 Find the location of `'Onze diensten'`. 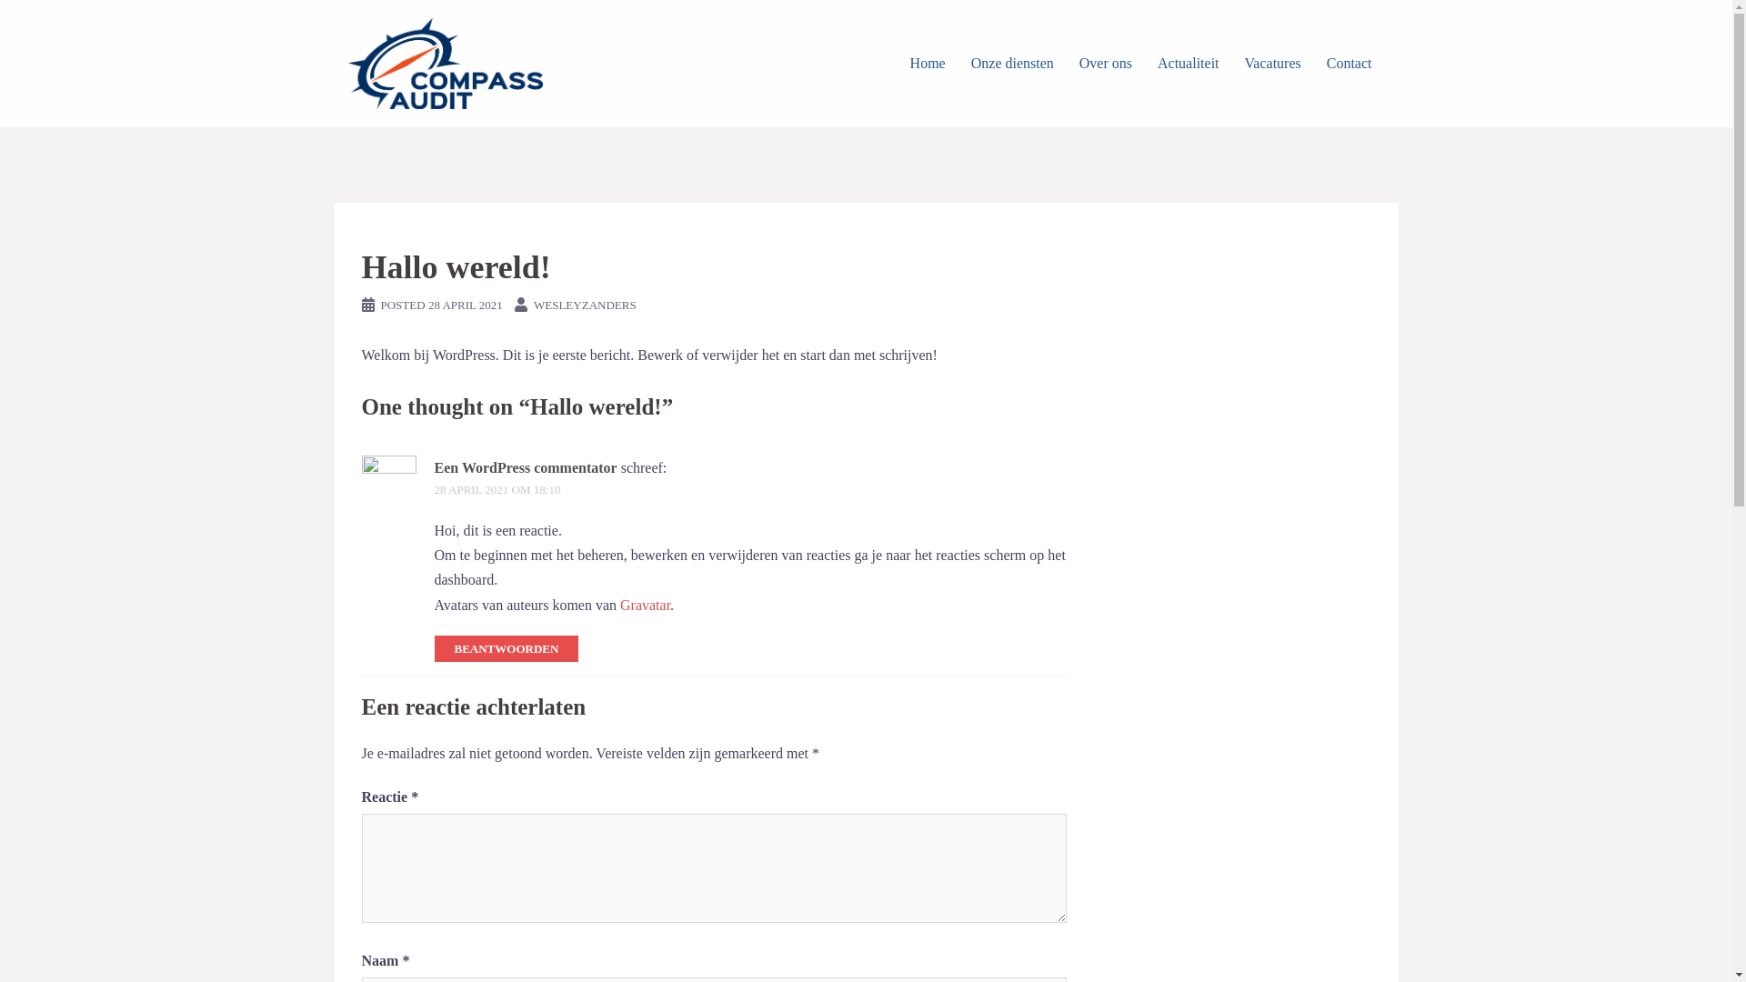

'Onze diensten' is located at coordinates (970, 62).